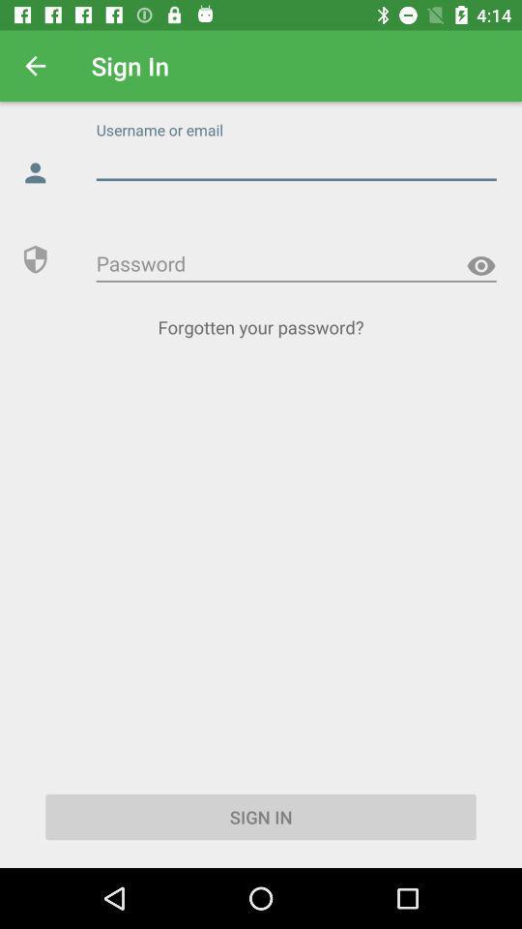  I want to click on look at password, so click(479, 265).